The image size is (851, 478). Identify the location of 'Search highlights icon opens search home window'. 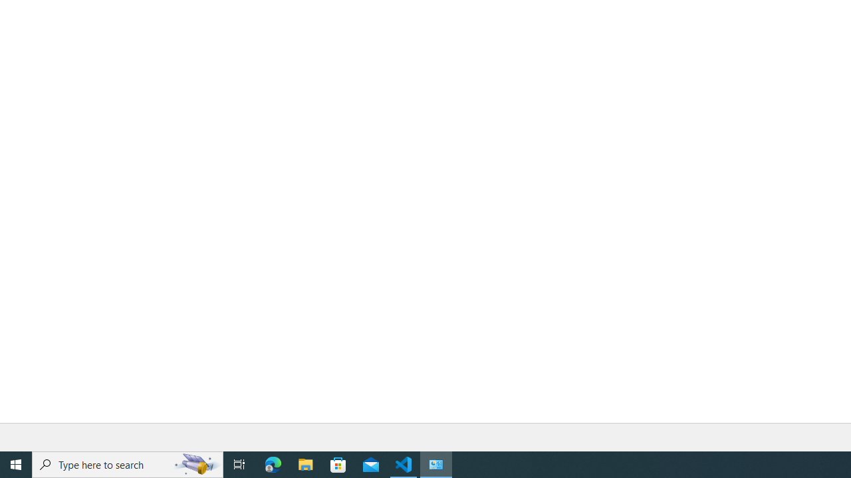
(195, 463).